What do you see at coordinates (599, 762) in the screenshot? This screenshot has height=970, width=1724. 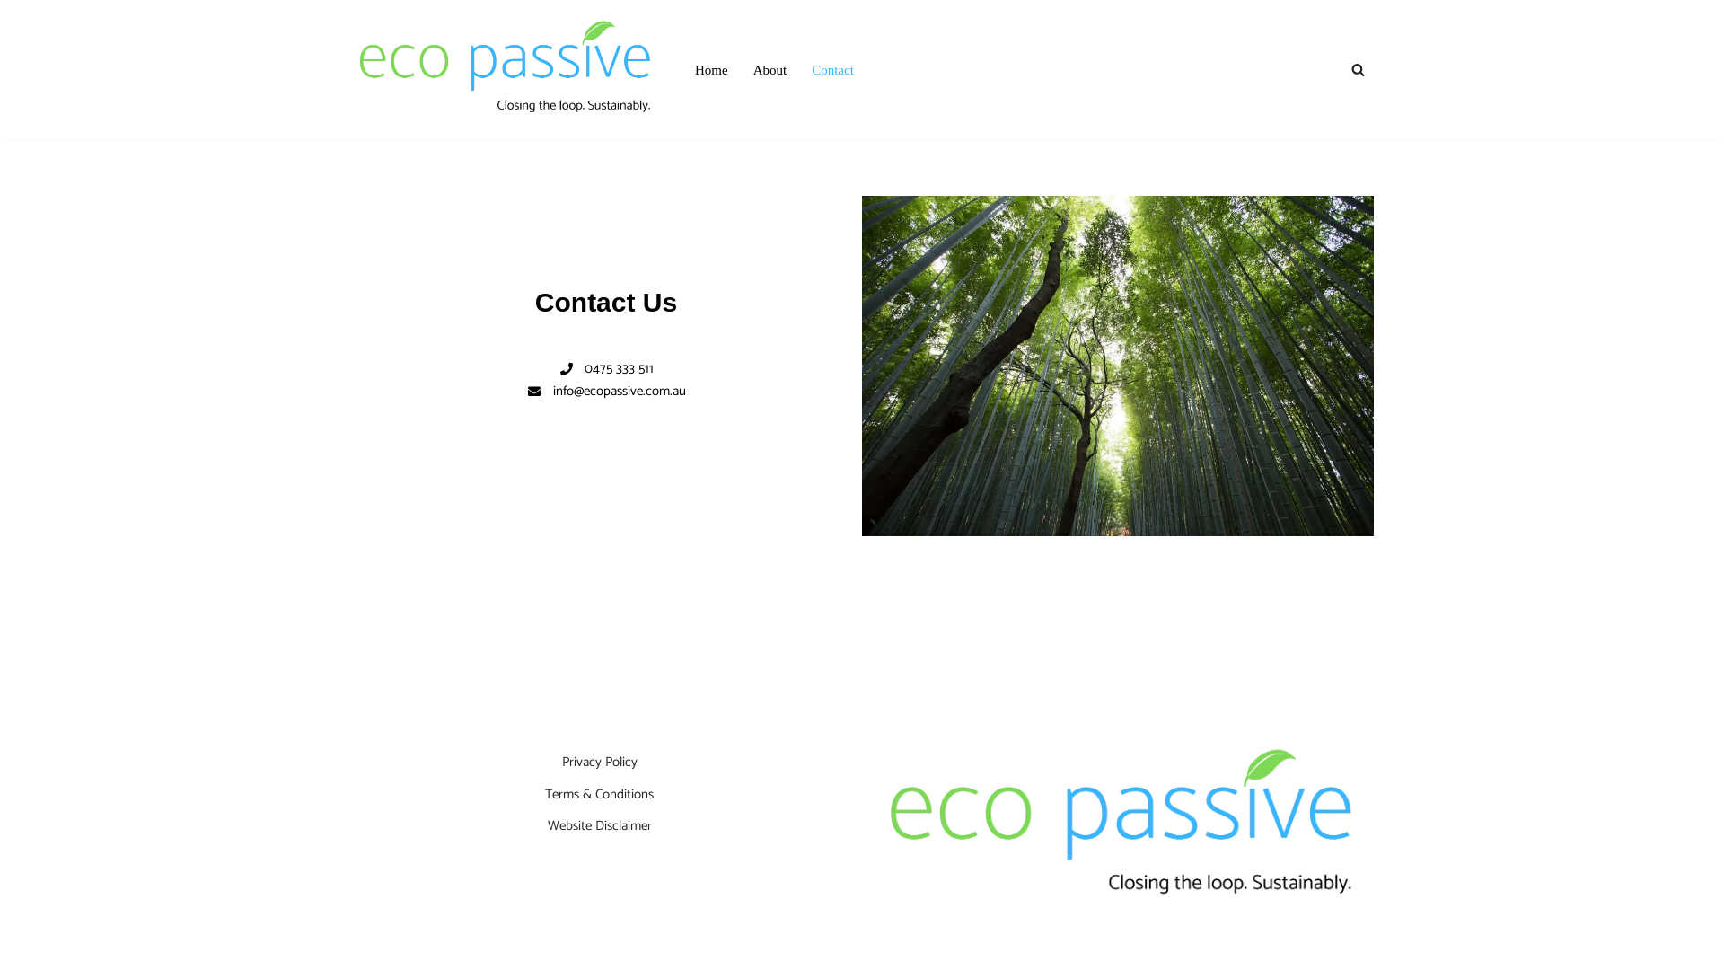 I see `'Privacy Policy'` at bounding box center [599, 762].